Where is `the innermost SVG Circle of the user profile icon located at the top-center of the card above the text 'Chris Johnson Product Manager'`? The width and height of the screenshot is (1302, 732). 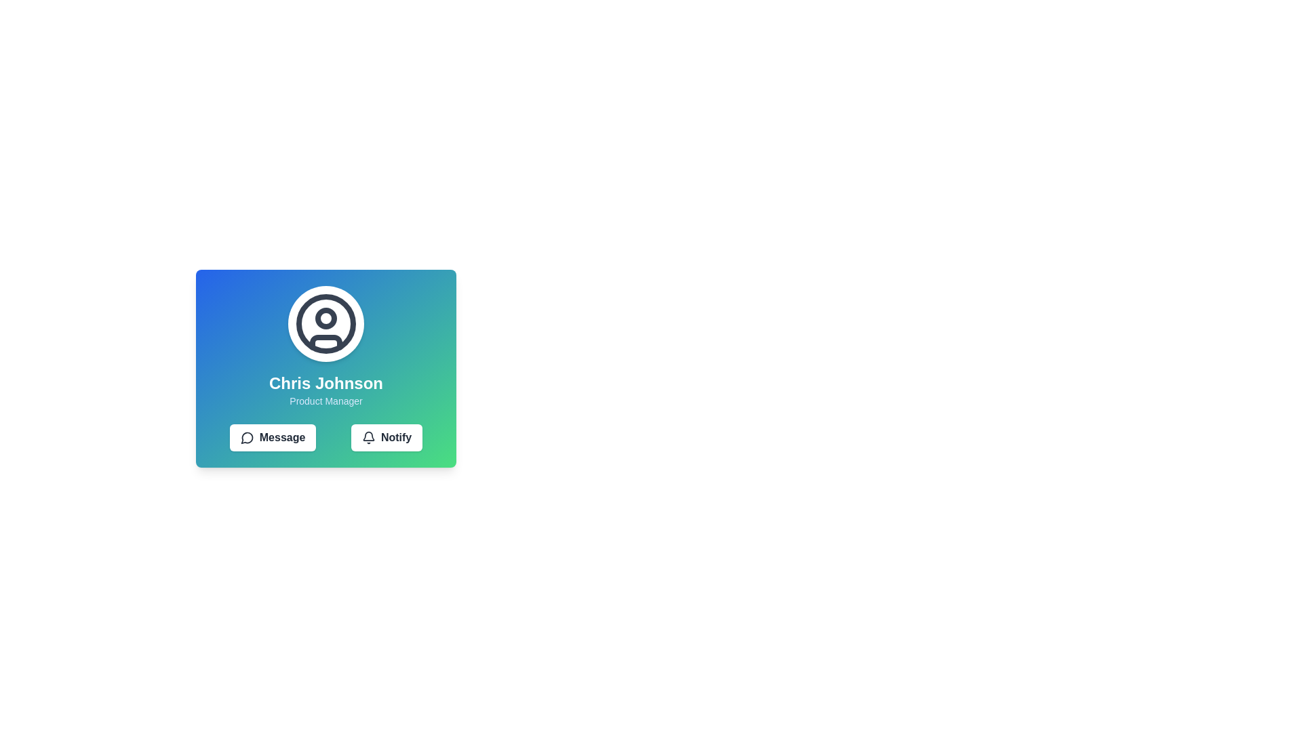
the innermost SVG Circle of the user profile icon located at the top-center of the card above the text 'Chris Johnson Product Manager' is located at coordinates (325, 324).